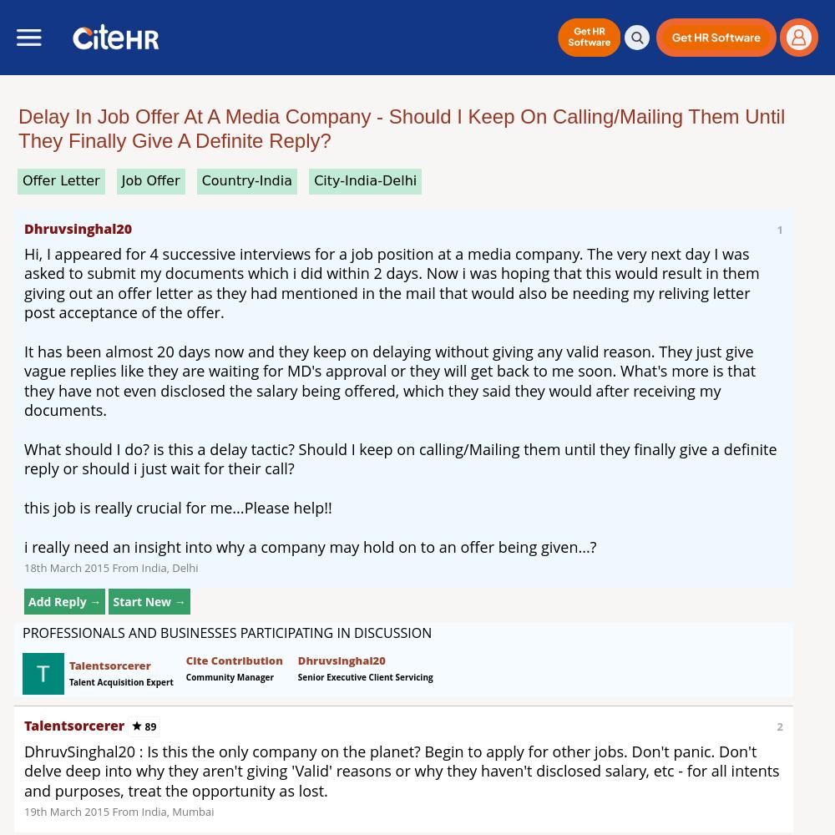 The height and width of the screenshot is (835, 835). What do you see at coordinates (149, 725) in the screenshot?
I see `'89'` at bounding box center [149, 725].